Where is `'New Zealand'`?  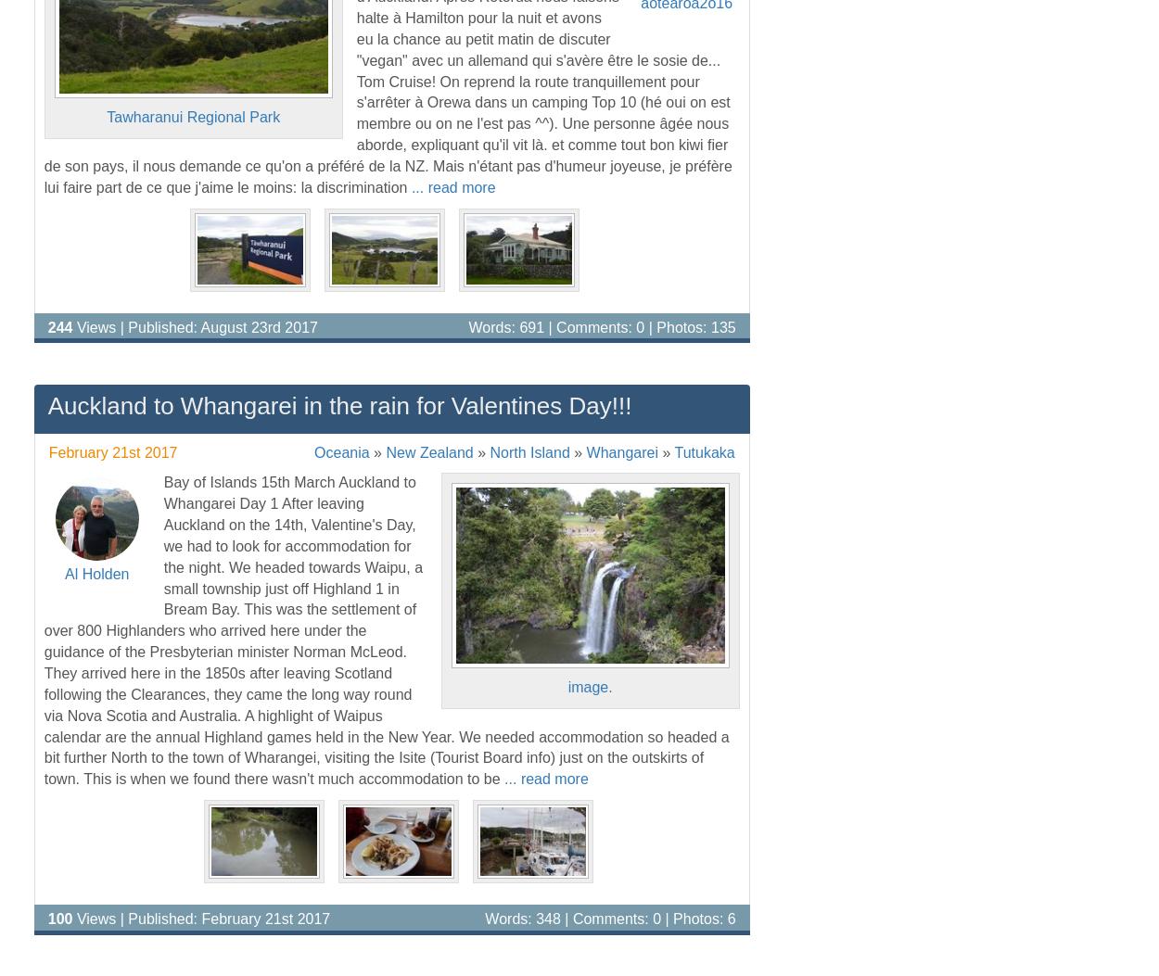
'New Zealand' is located at coordinates (428, 451).